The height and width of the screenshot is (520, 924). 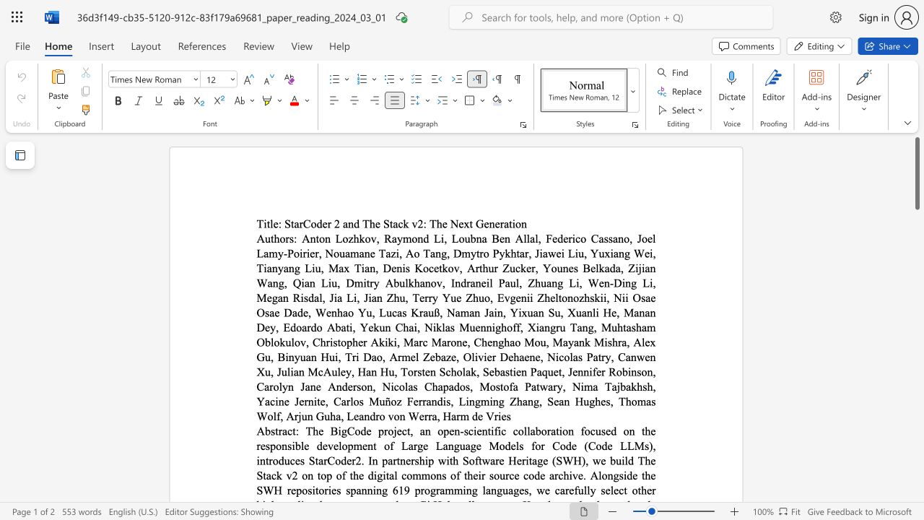 What do you see at coordinates (328, 224) in the screenshot?
I see `the 2th character "r" in the text` at bounding box center [328, 224].